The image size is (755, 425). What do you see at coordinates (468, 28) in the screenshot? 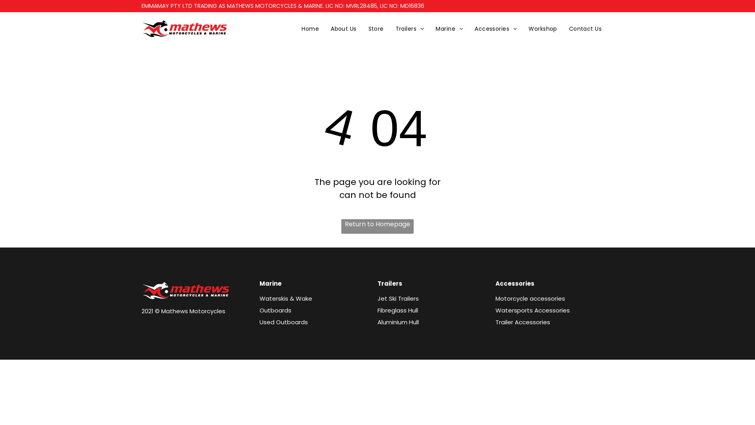
I see `'Accessories'` at bounding box center [468, 28].